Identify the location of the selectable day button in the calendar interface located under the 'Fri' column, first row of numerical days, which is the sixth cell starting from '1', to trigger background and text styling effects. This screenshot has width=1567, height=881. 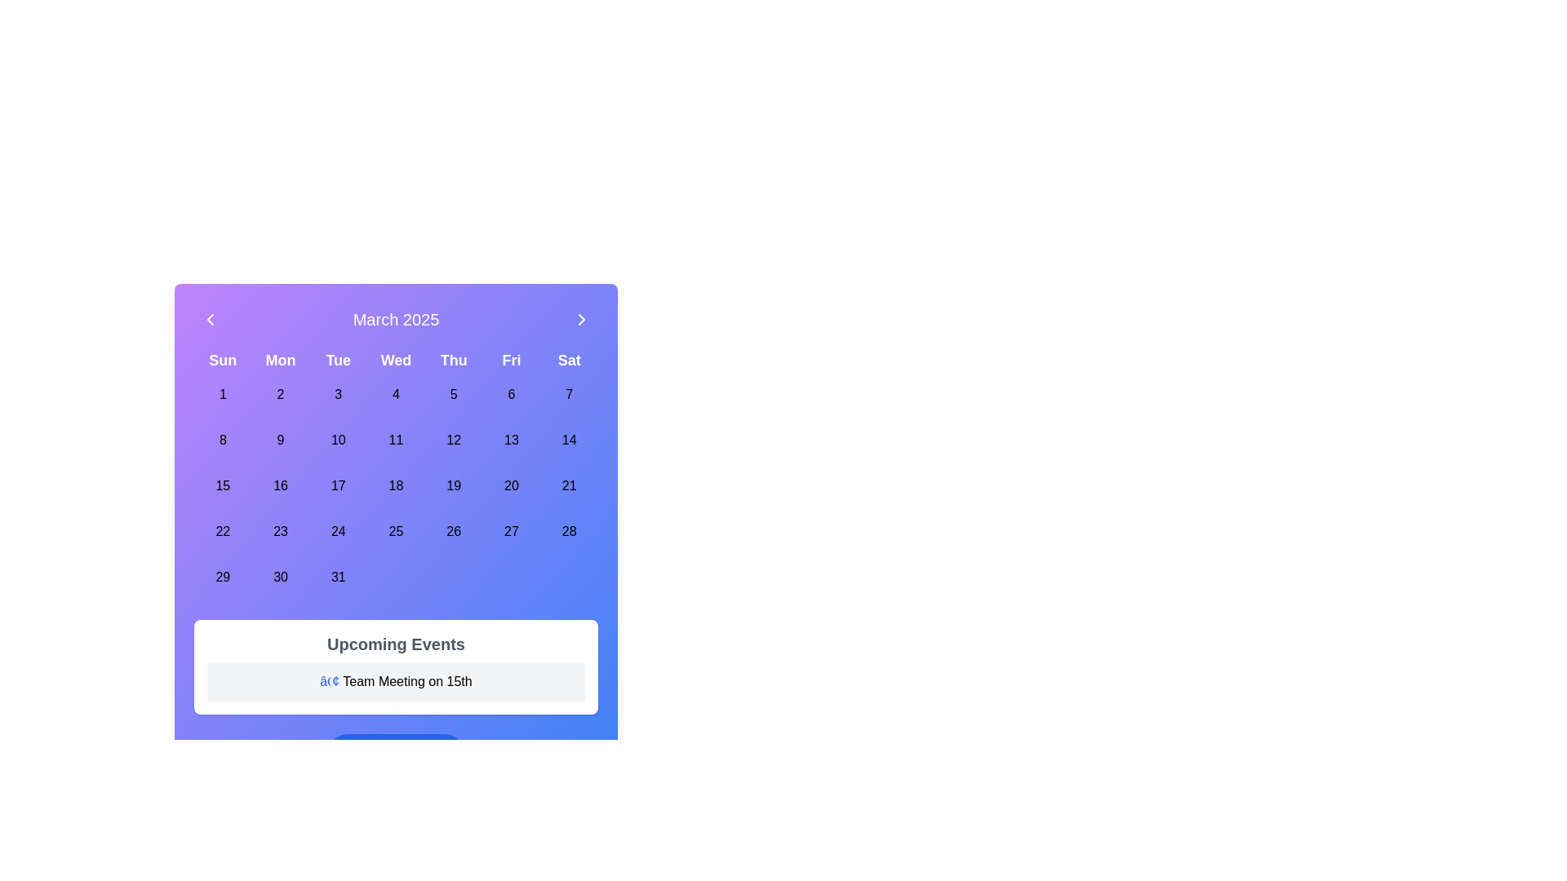
(510, 394).